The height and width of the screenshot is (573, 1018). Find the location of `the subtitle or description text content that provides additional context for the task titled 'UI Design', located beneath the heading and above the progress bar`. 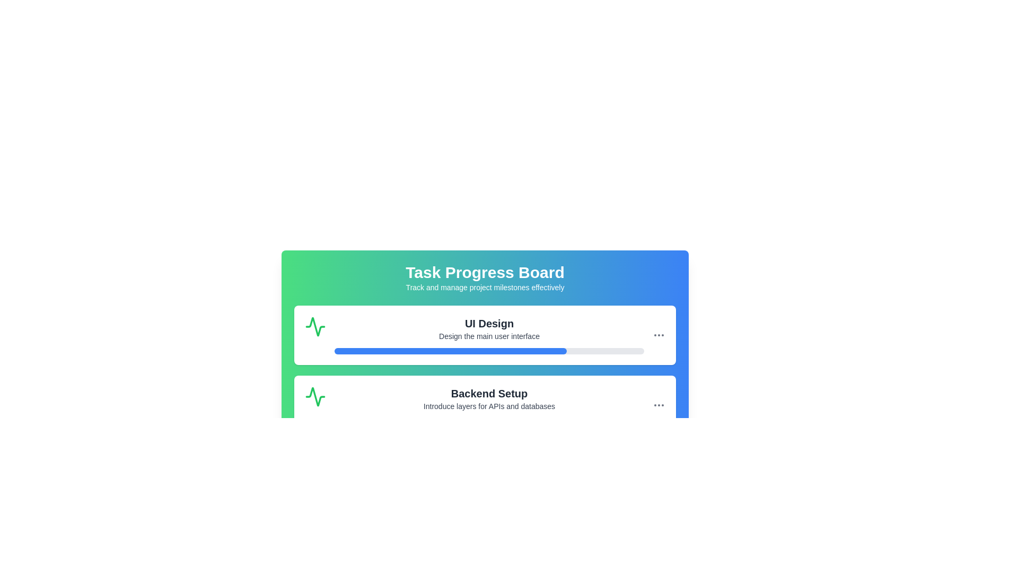

the subtitle or description text content that provides additional context for the task titled 'UI Design', located beneath the heading and above the progress bar is located at coordinates (488, 336).